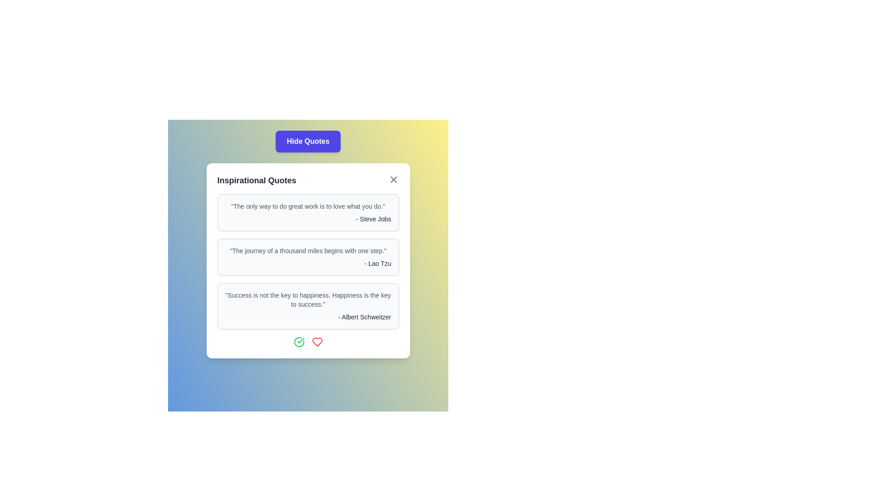 This screenshot has height=490, width=872. What do you see at coordinates (308, 260) in the screenshot?
I see `the middle quote card in the modal dialog titled 'Inspirational Quotes', which has a white background, gray borders, and displays a quote and its author in a minimalistic style` at bounding box center [308, 260].